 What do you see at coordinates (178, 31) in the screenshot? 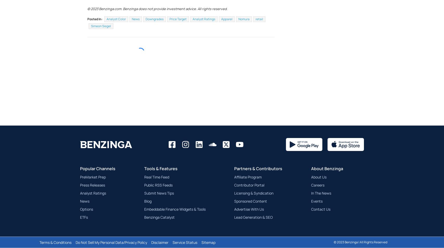
I see `'Price Target'` at bounding box center [178, 31].